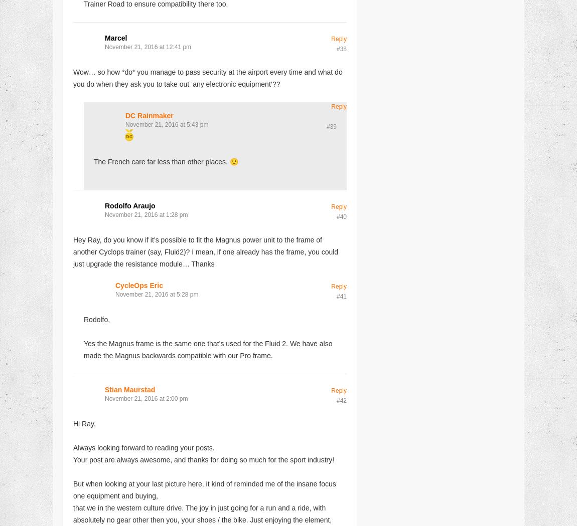 The width and height of the screenshot is (577, 526). What do you see at coordinates (146, 213) in the screenshot?
I see `'November 21, 2016 at 1:28 pm'` at bounding box center [146, 213].